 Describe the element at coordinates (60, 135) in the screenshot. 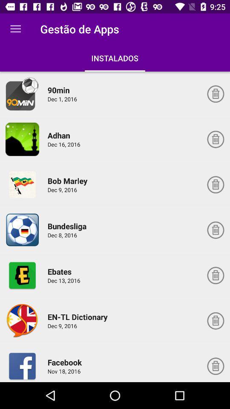

I see `the icon below the dec 1, 2016 icon` at that location.